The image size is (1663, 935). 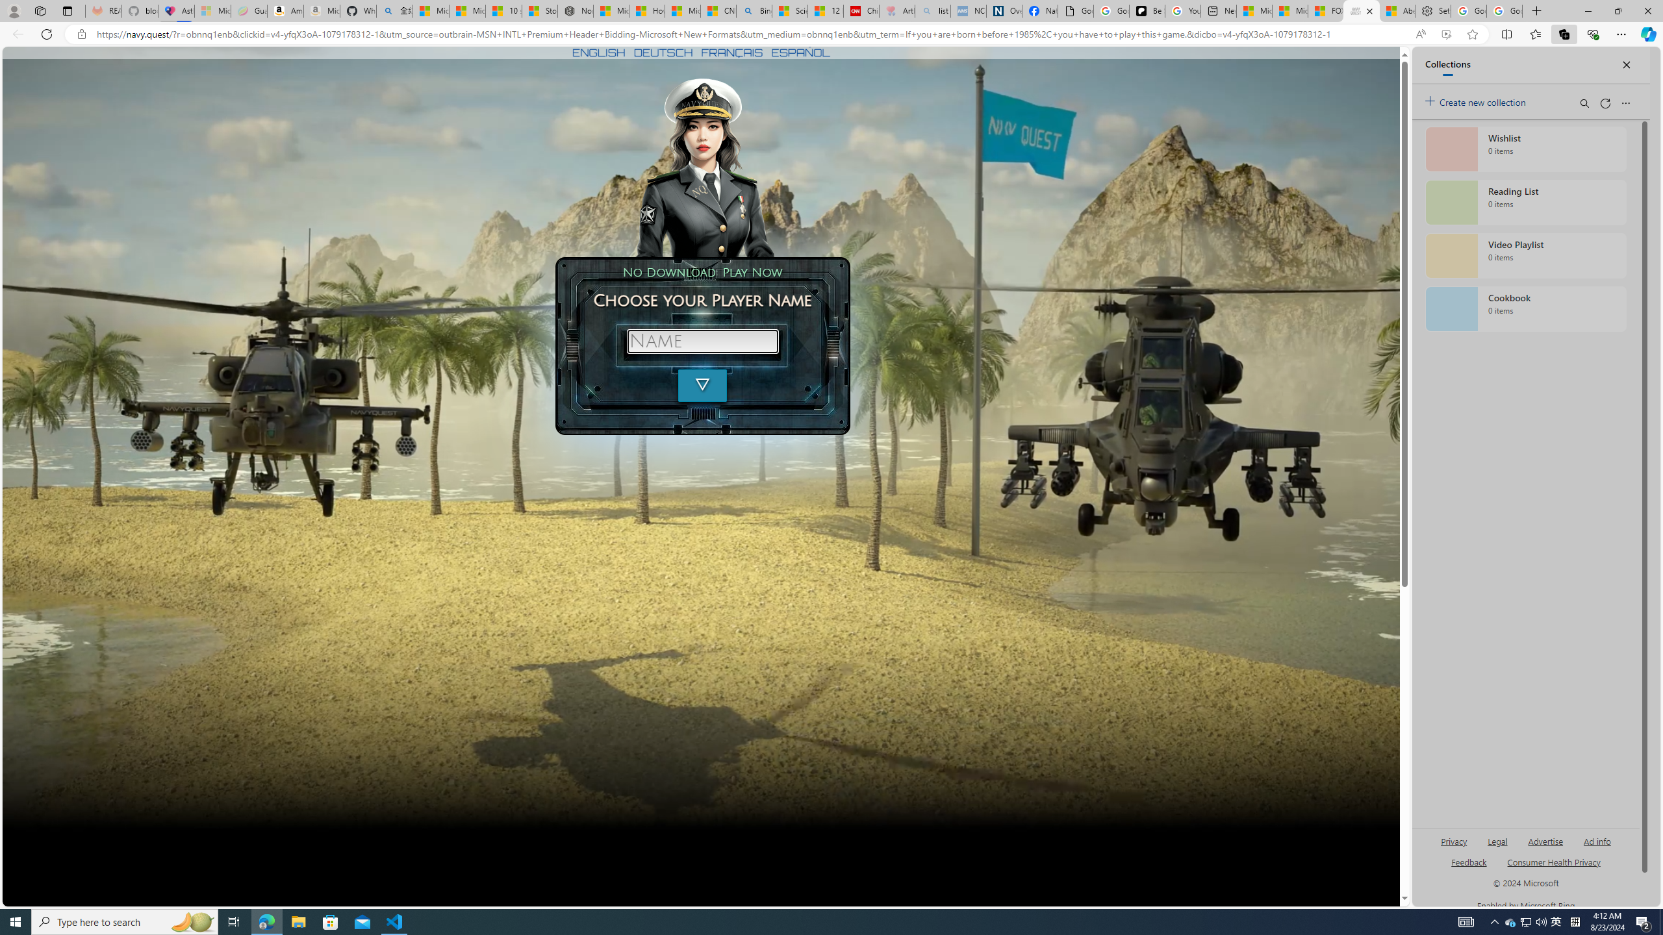 I want to click on 'Favorites', so click(x=1536, y=33).